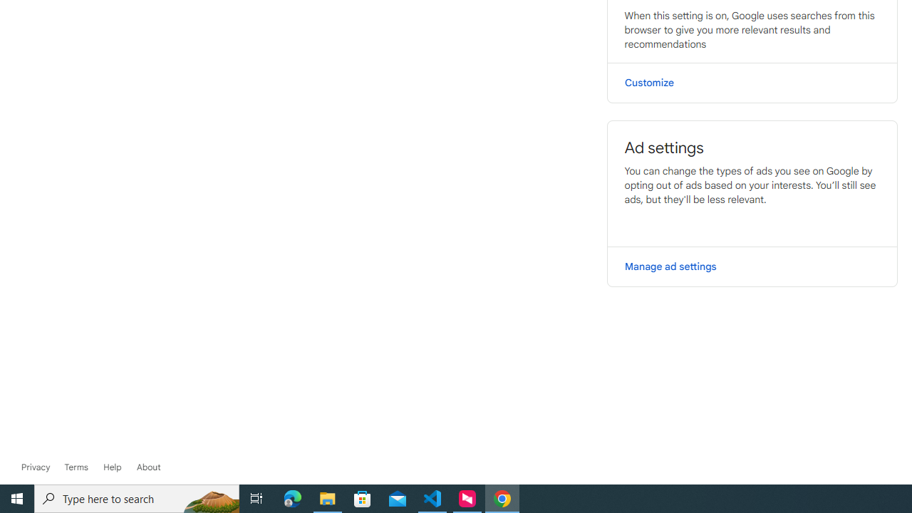 The width and height of the screenshot is (912, 513). I want to click on 'Learn more about Google Account', so click(148, 467).